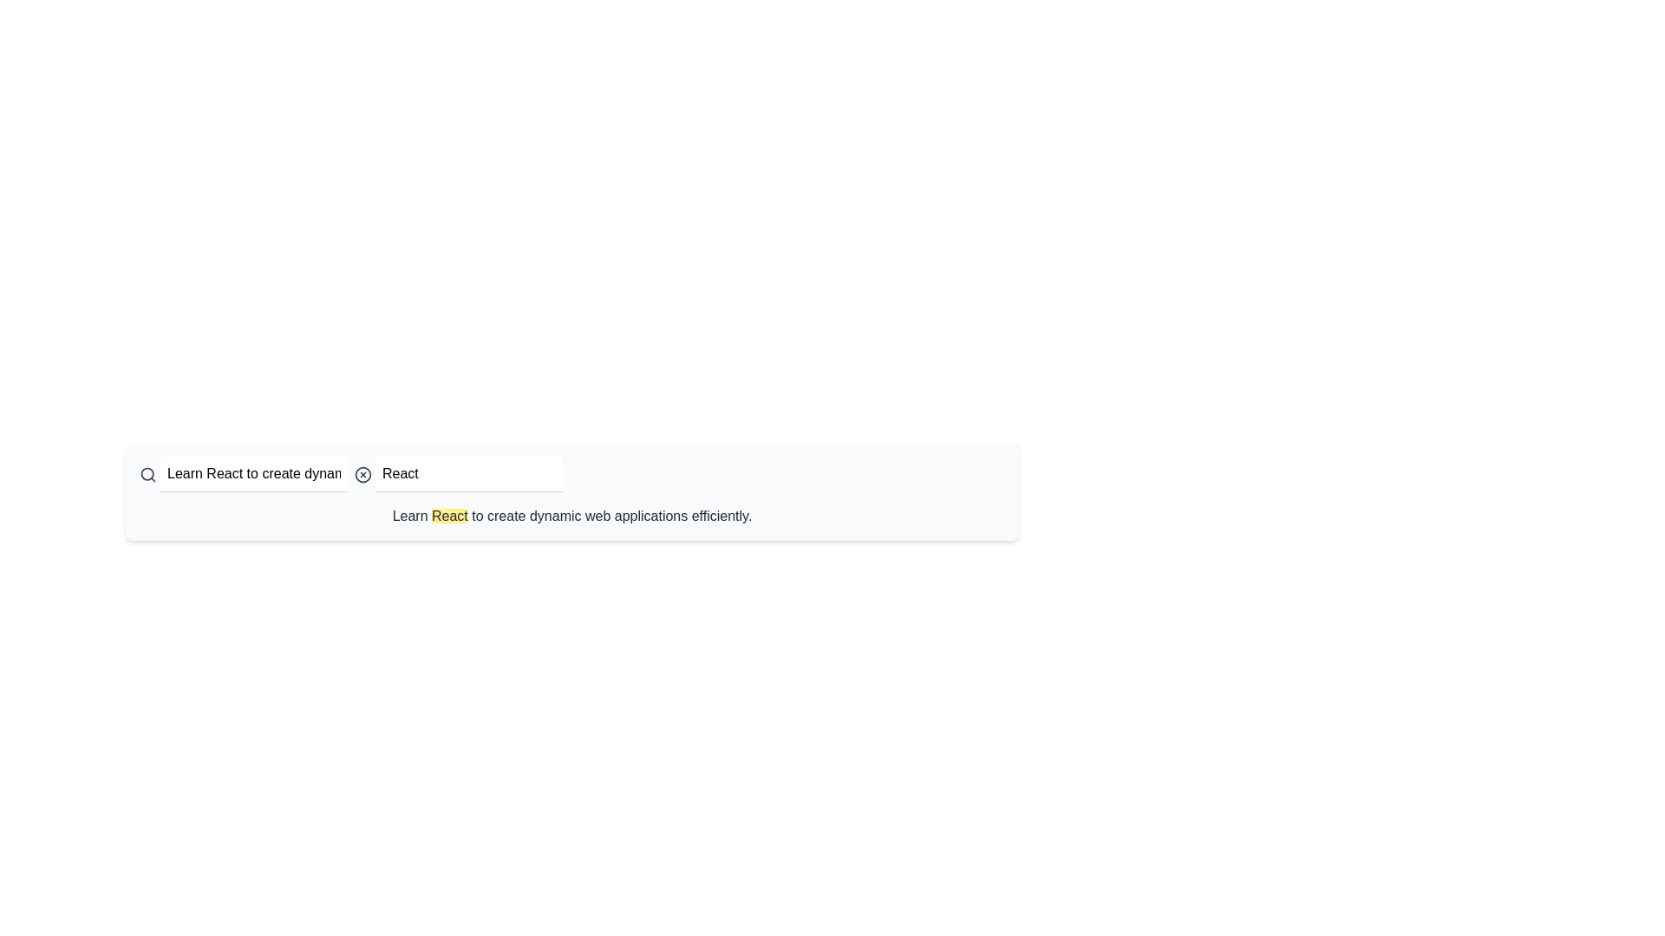 Image resolution: width=1665 pixels, height=936 pixels. I want to click on the icon button located to the left of the text input box with the placeholder 'Search phrase', so click(362, 474).